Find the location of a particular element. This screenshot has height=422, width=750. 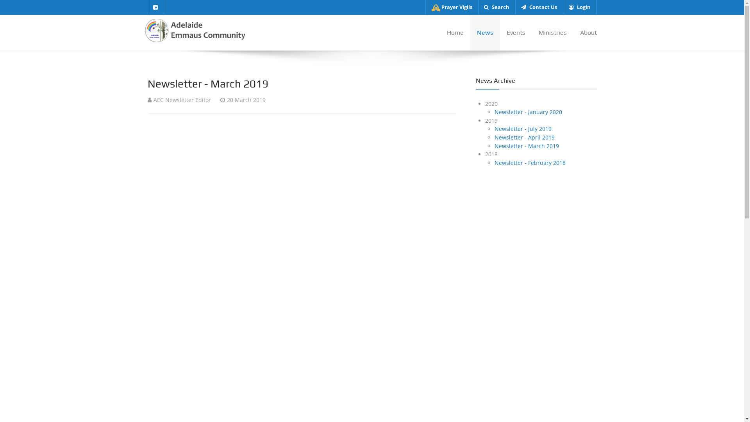

'News' is located at coordinates (485, 32).